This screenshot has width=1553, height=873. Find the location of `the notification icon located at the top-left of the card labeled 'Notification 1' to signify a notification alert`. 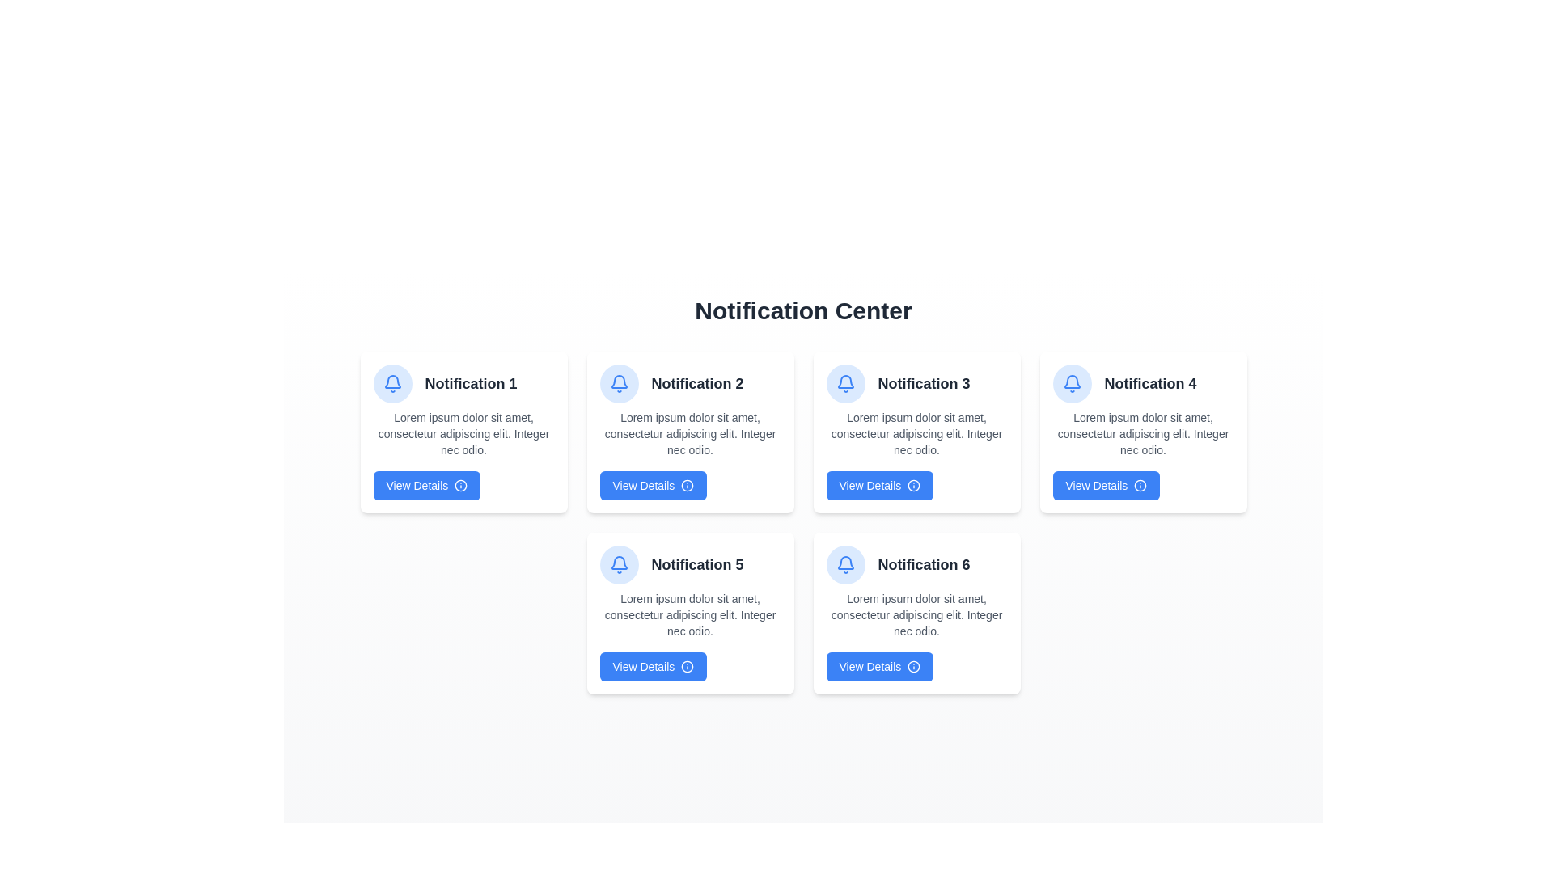

the notification icon located at the top-left of the card labeled 'Notification 1' to signify a notification alert is located at coordinates (392, 383).